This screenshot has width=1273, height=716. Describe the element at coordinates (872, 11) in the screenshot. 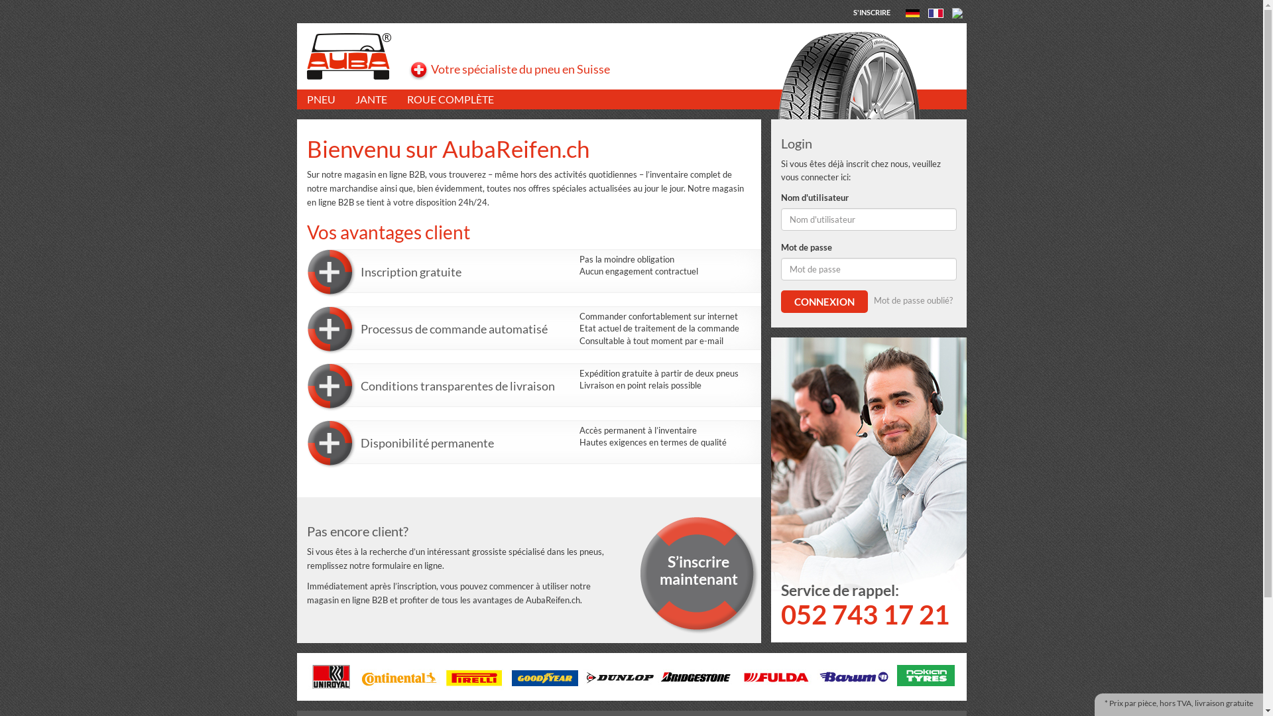

I see `'S'INSCRIRE'` at that location.